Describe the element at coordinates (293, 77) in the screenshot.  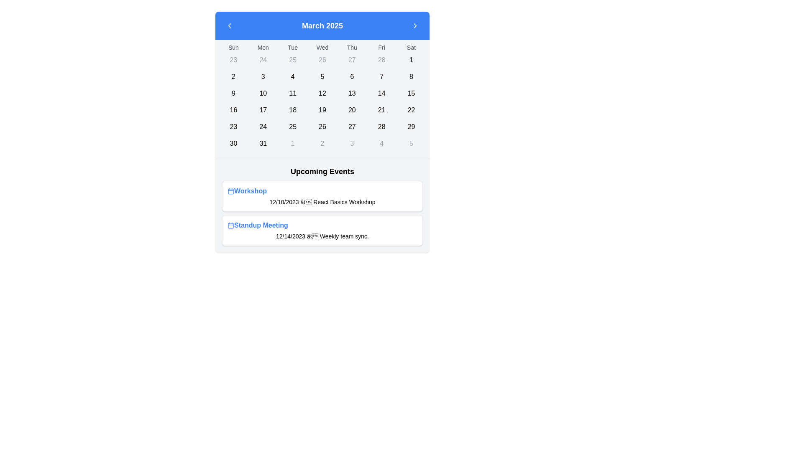
I see `the calendar day cell representing the 4th of March 2025` at that location.